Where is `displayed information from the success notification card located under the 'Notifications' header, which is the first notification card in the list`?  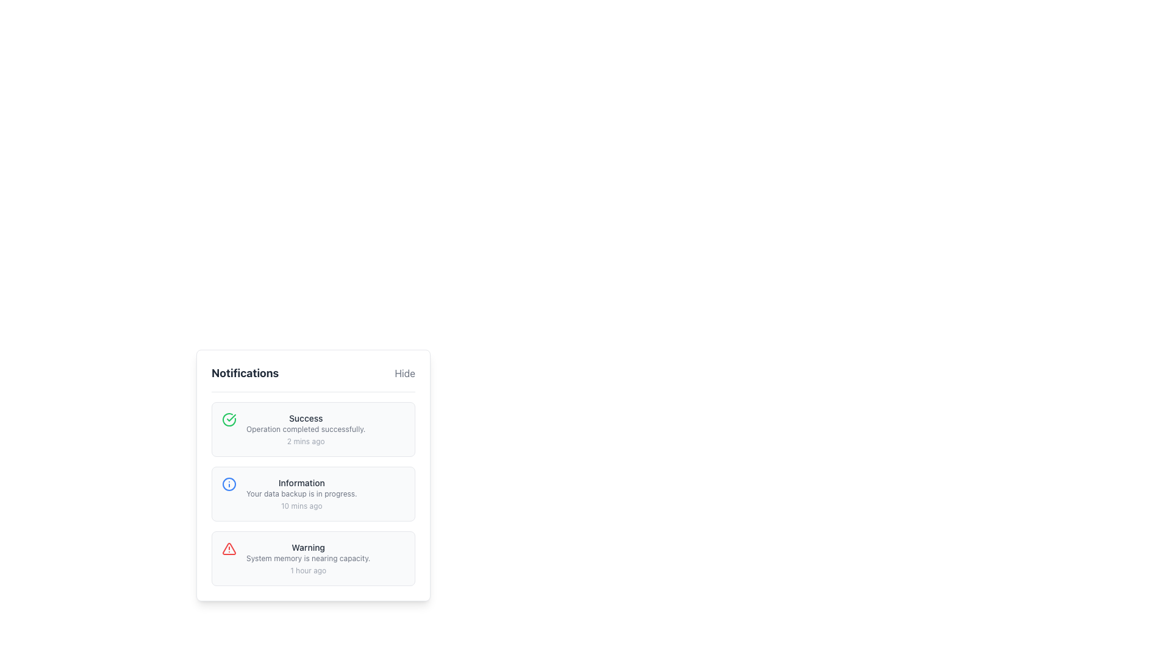 displayed information from the success notification card located under the 'Notifications' header, which is the first notification card in the list is located at coordinates (313, 429).